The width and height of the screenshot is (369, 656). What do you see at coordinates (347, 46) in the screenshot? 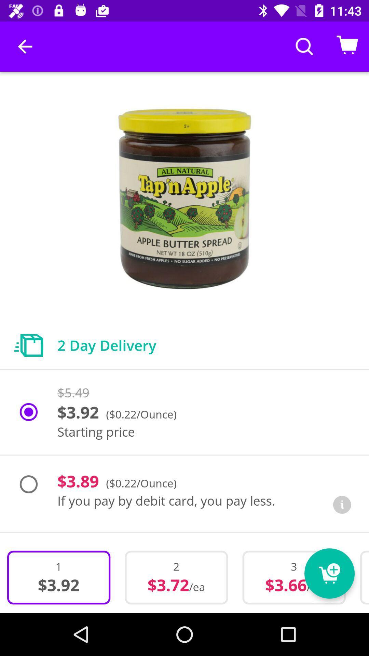
I see `the option add to cart from top right` at bounding box center [347, 46].